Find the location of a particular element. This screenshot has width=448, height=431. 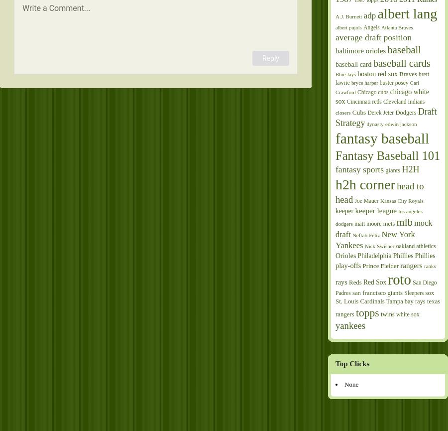

'Prince Fielder' is located at coordinates (380, 265).